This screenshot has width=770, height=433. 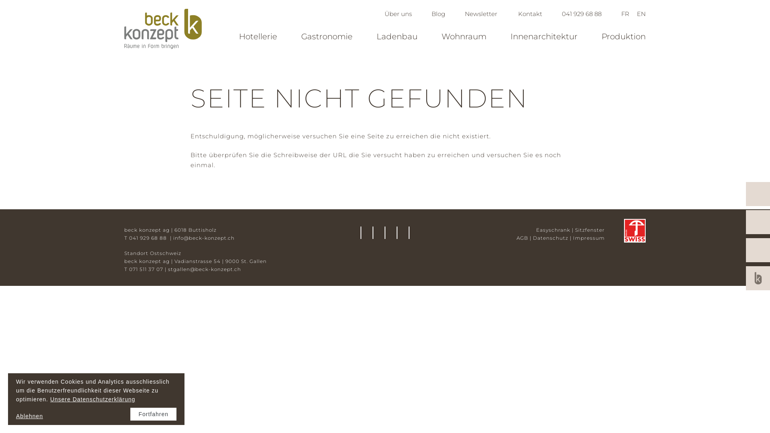 What do you see at coordinates (640, 14) in the screenshot?
I see `'EN'` at bounding box center [640, 14].